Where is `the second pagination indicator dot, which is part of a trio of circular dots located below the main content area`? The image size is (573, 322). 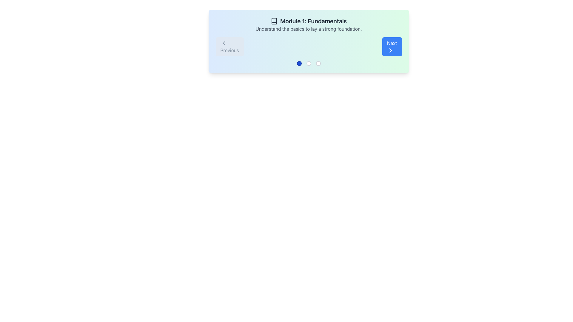
the second pagination indicator dot, which is part of a trio of circular dots located below the main content area is located at coordinates (309, 63).